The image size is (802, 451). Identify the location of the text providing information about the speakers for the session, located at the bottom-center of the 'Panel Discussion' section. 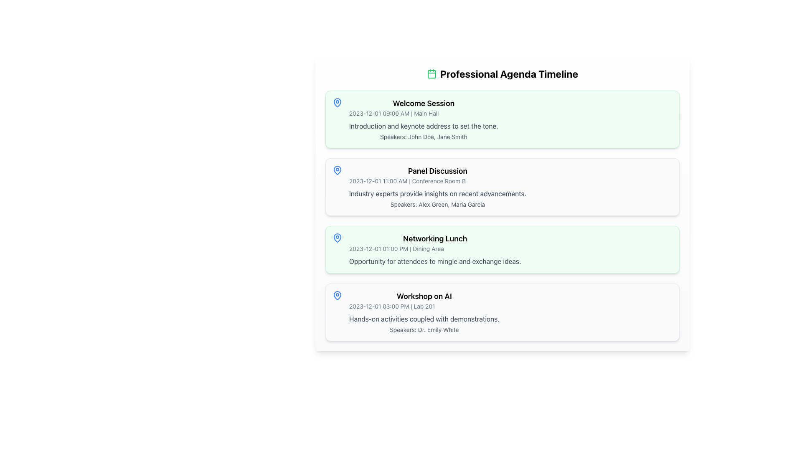
(437, 204).